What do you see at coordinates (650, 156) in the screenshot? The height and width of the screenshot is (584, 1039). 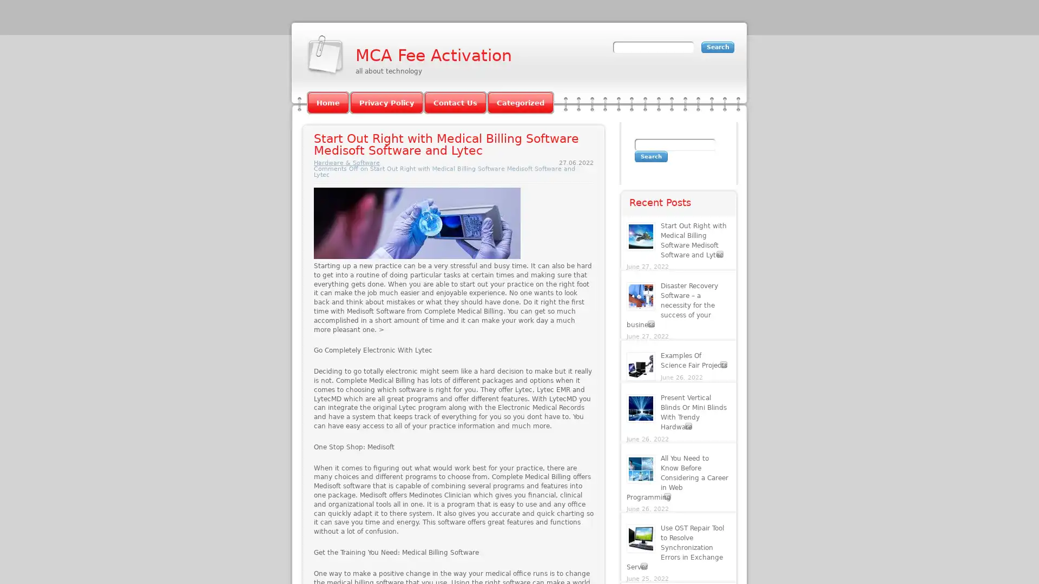 I see `Search` at bounding box center [650, 156].